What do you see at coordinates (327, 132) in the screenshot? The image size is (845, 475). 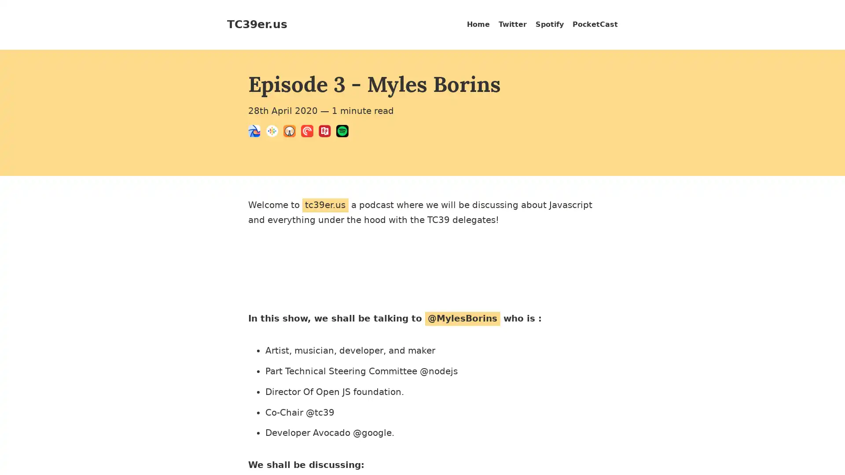 I see `RadioPublic Logo` at bounding box center [327, 132].